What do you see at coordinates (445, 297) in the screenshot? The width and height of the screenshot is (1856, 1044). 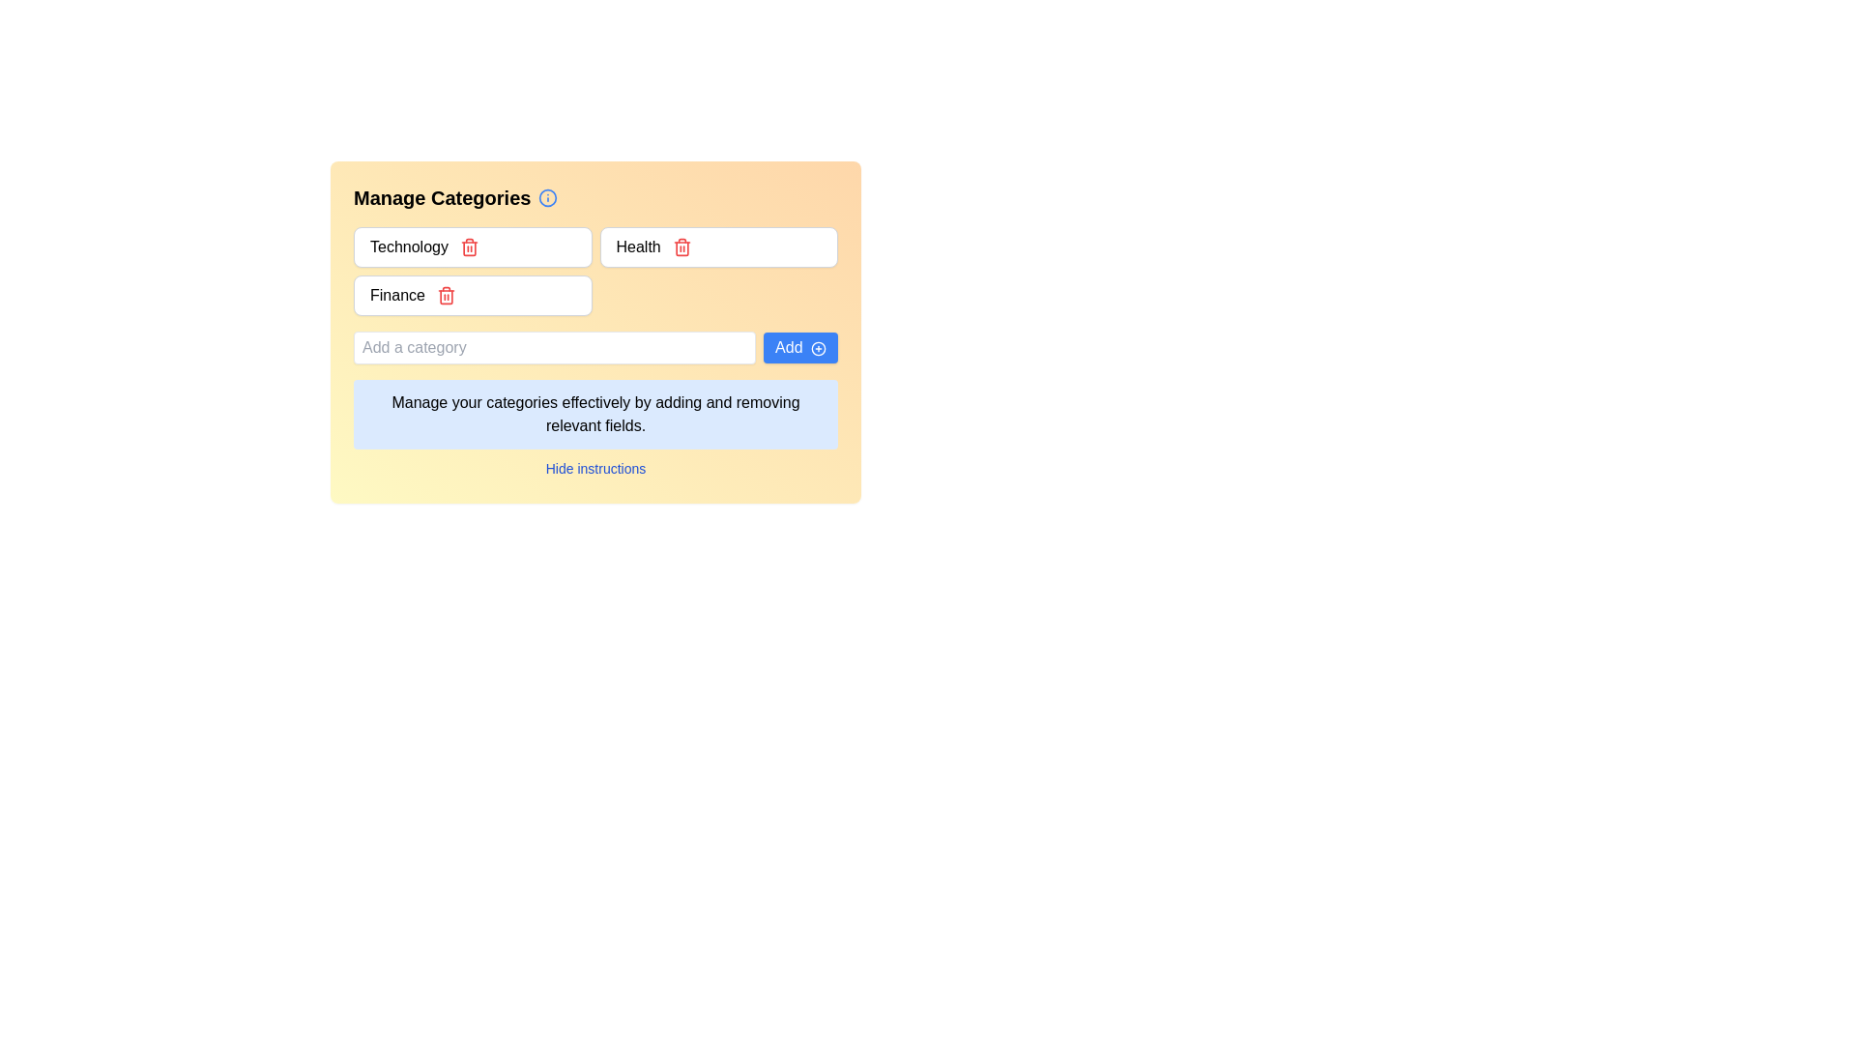 I see `the central part of the trash can icon representing the delete function related to the 'Finance' category` at bounding box center [445, 297].